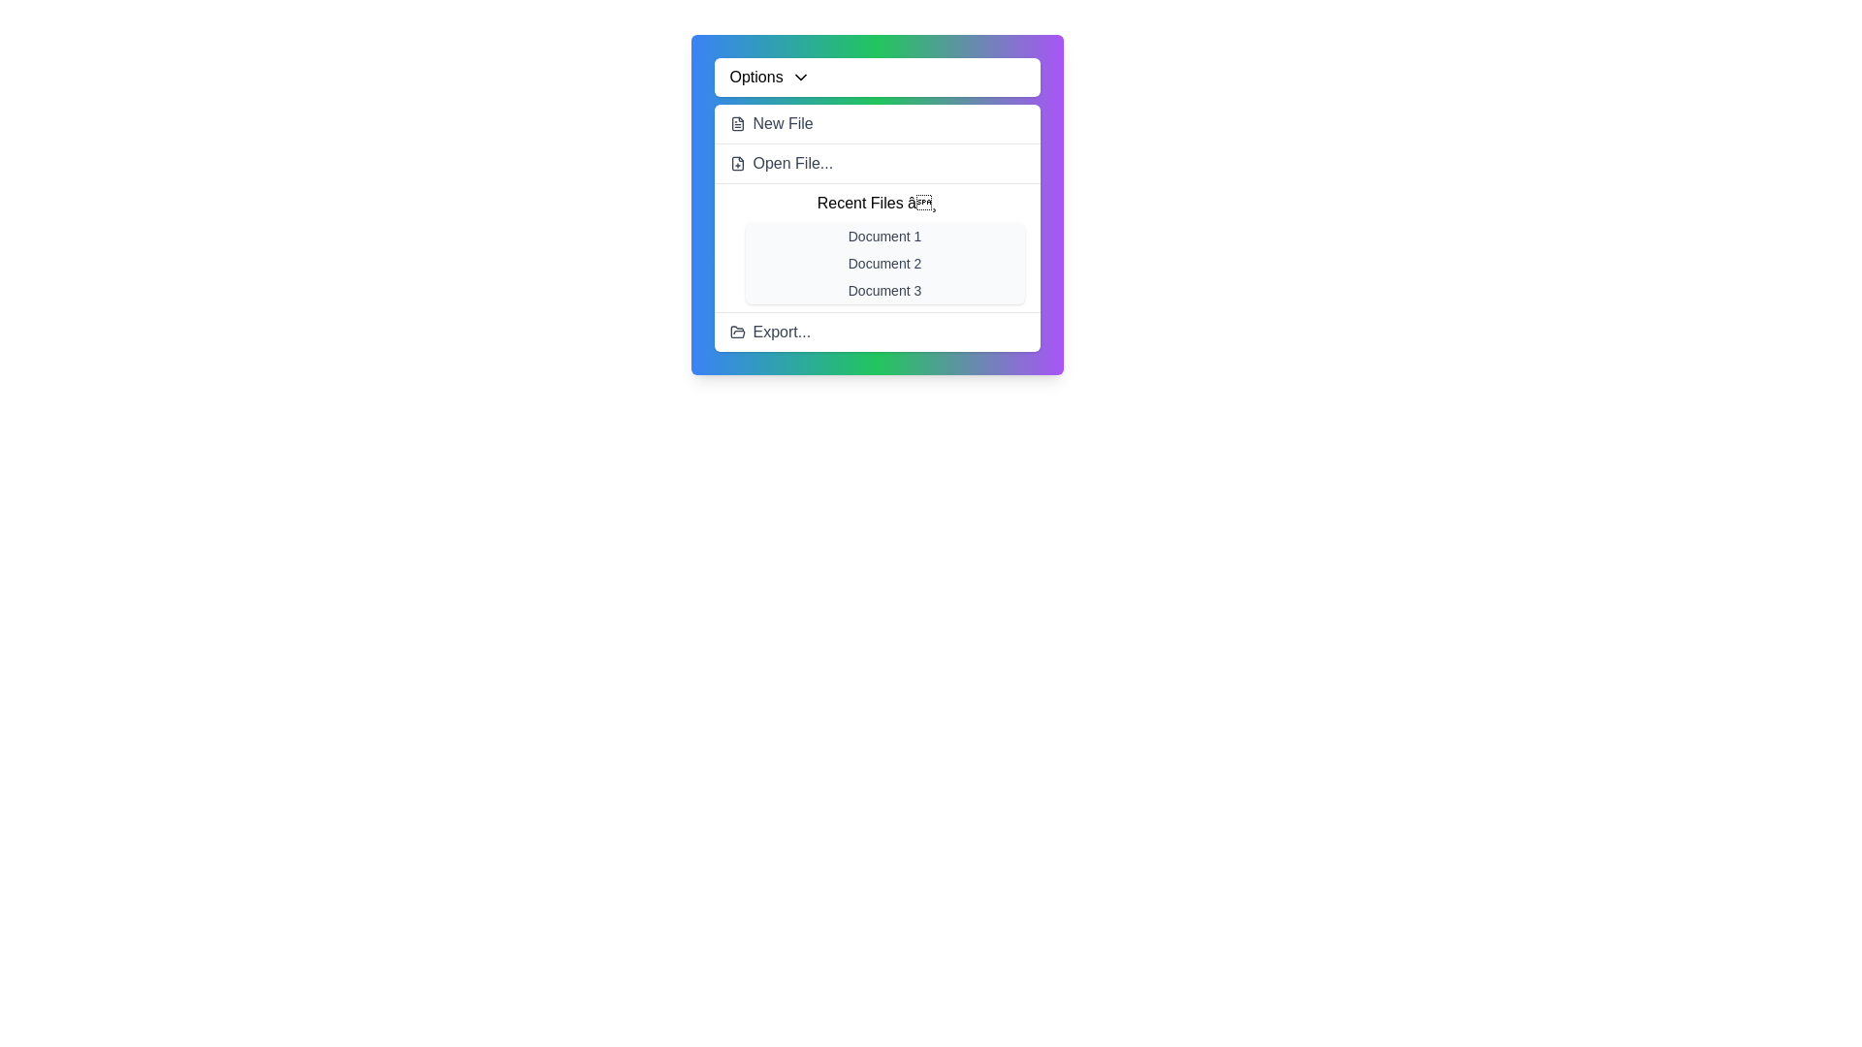  Describe the element at coordinates (883, 264) in the screenshot. I see `the text item representing 'Document 2' in the list to trigger the hover effect` at that location.